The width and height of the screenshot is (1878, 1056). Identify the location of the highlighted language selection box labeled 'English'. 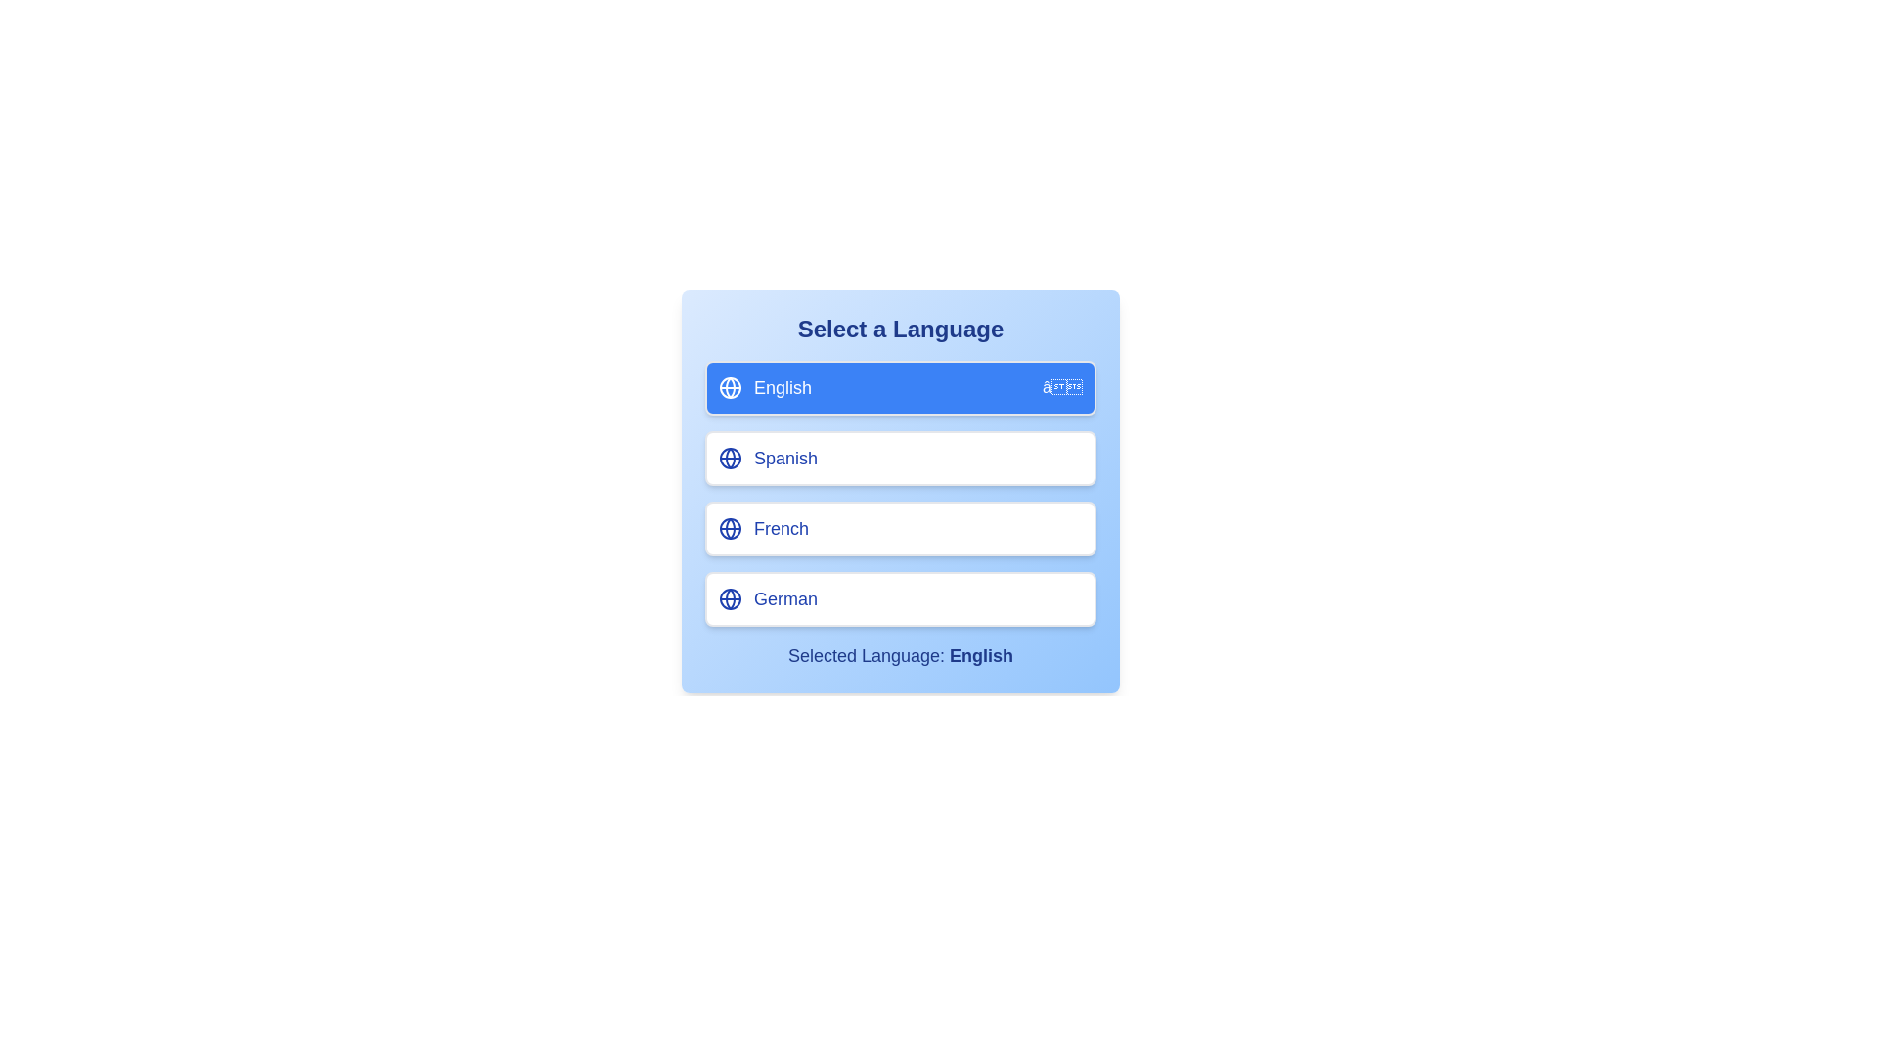
(730, 388).